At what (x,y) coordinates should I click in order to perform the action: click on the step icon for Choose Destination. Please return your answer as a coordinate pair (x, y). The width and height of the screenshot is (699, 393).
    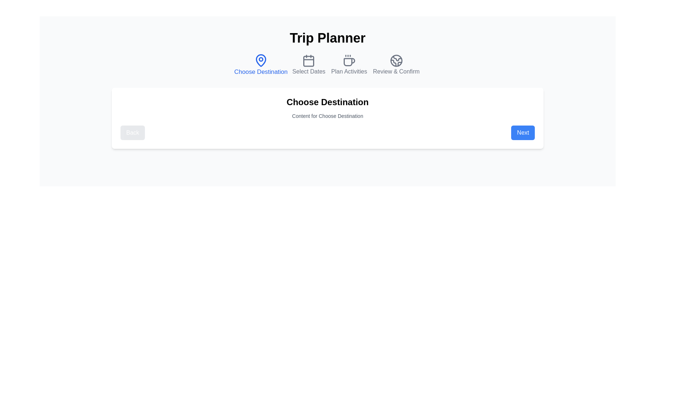
    Looking at the image, I should click on (261, 64).